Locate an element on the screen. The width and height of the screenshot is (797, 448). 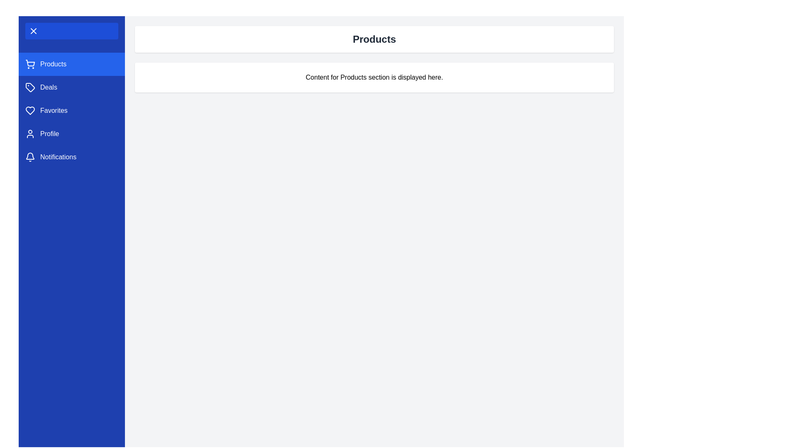
the Close button icon, represented by an 'X', located at the top-left corner of the sidebar is located at coordinates (33, 30).